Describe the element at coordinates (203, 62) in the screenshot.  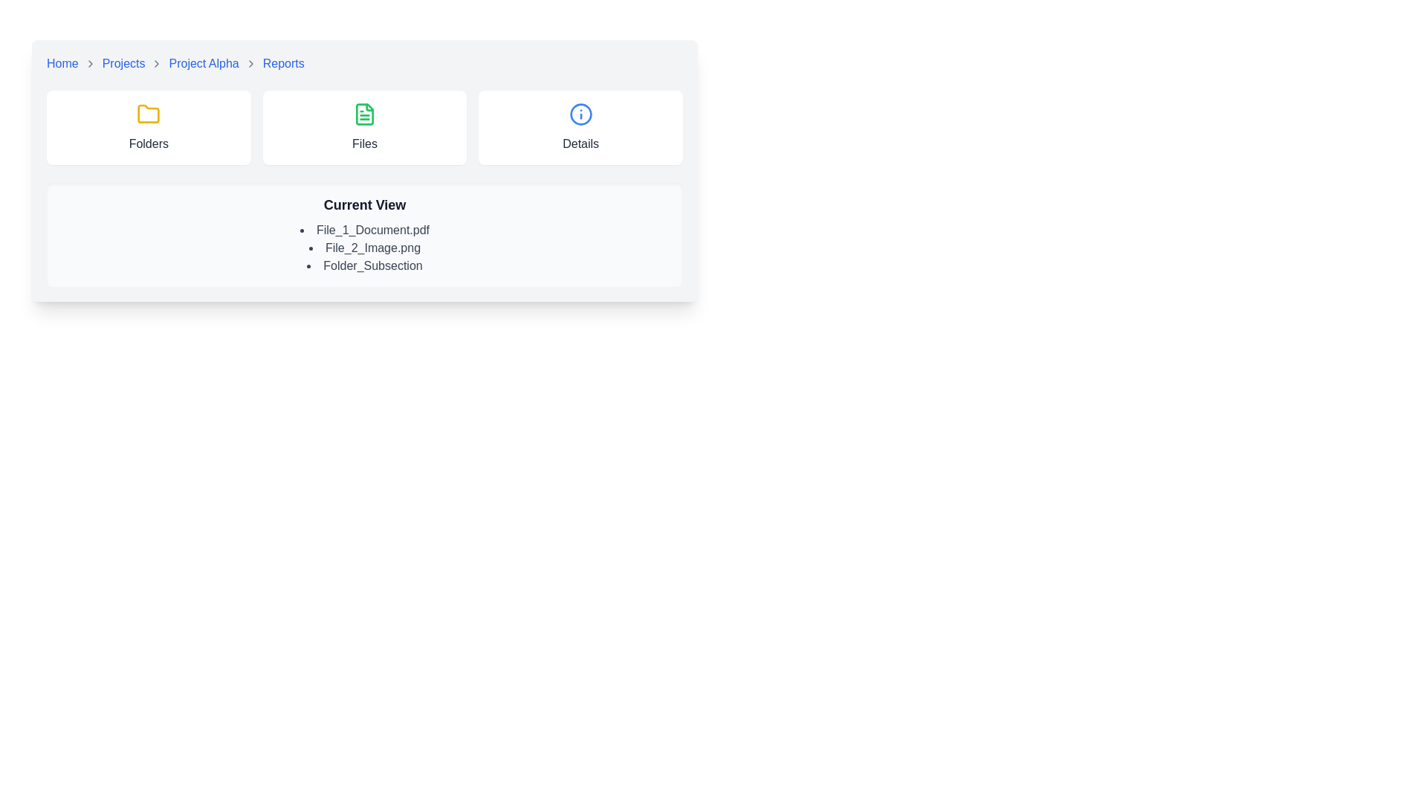
I see `the 'Project Alpha' hyperlink in the breadcrumb navigation bar` at that location.